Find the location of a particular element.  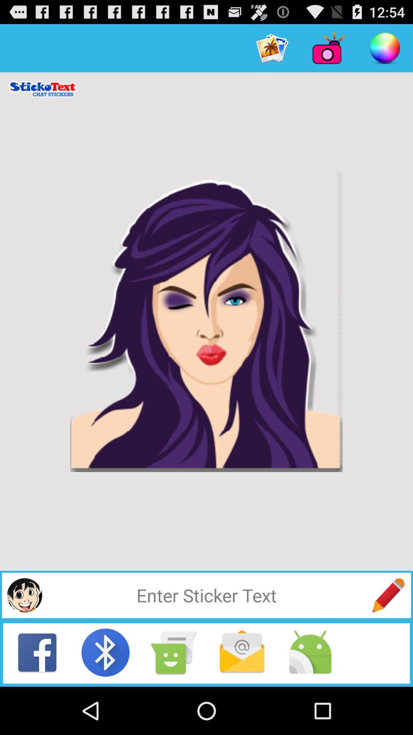

a copy is located at coordinates (174, 652).